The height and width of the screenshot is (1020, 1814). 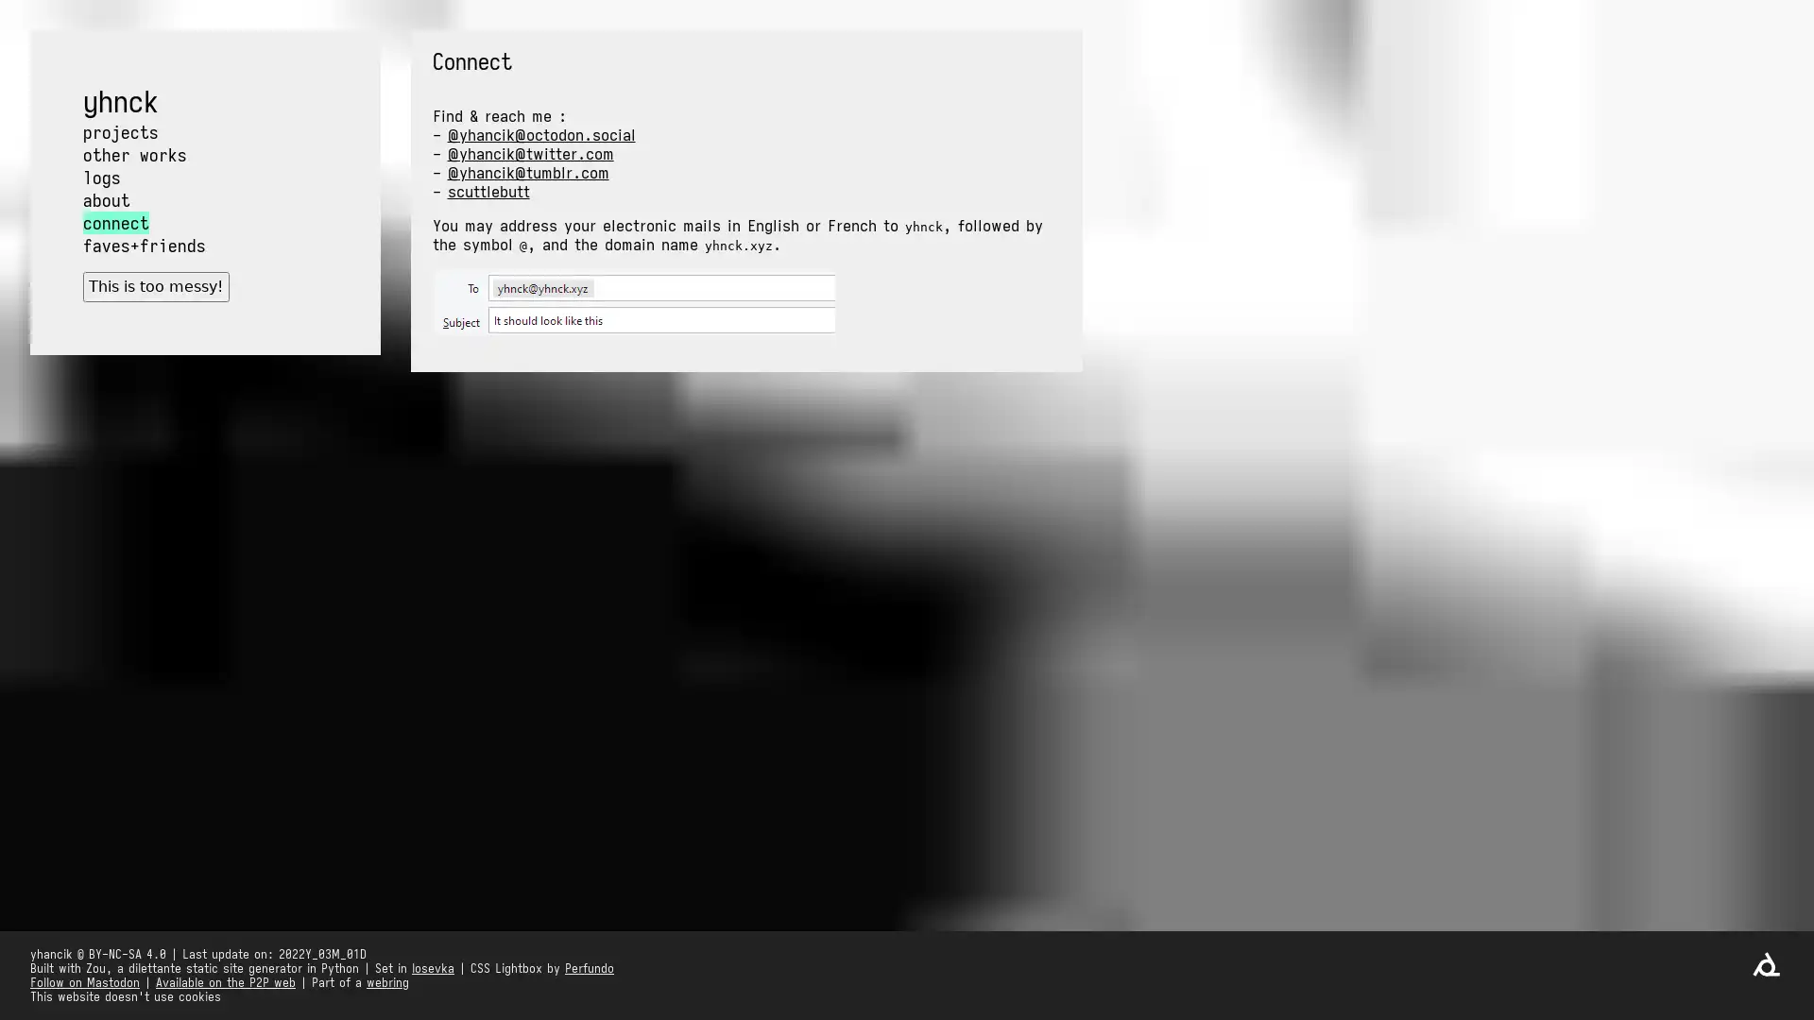 What do you see at coordinates (155, 286) in the screenshot?
I see `This is too messy!` at bounding box center [155, 286].